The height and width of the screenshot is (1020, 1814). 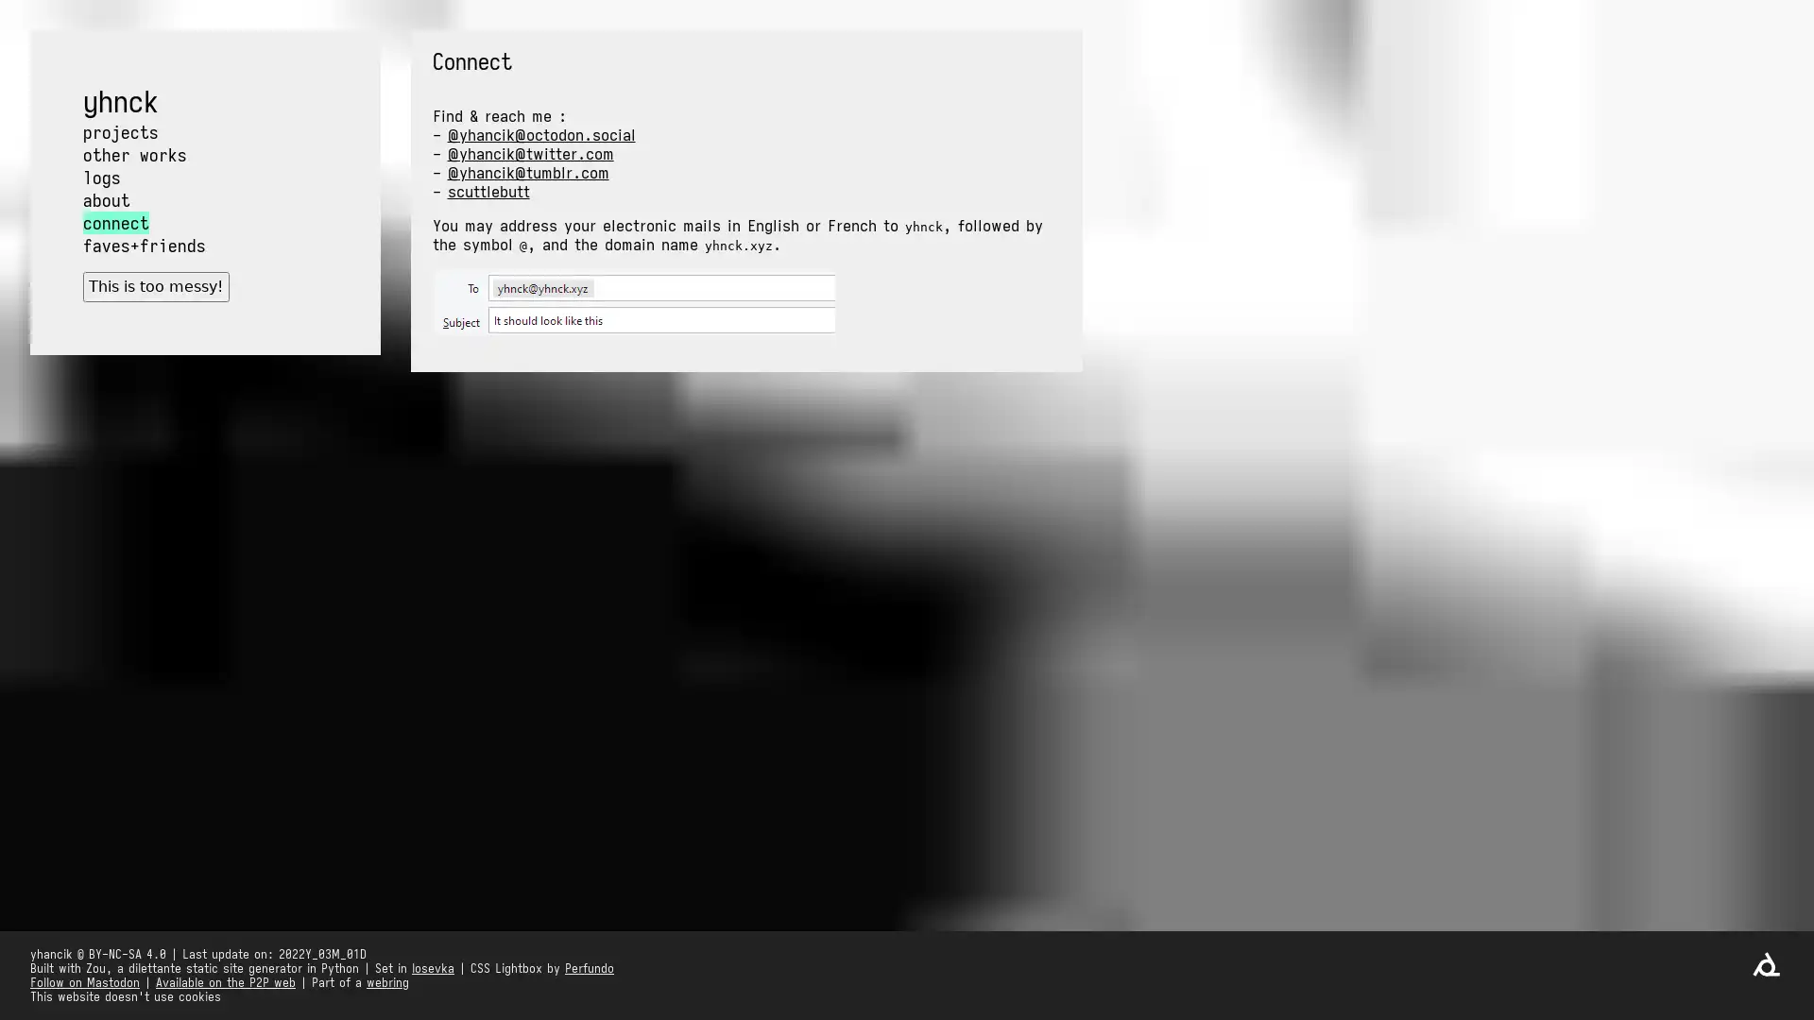 What do you see at coordinates (155, 286) in the screenshot?
I see `This is too messy!` at bounding box center [155, 286].